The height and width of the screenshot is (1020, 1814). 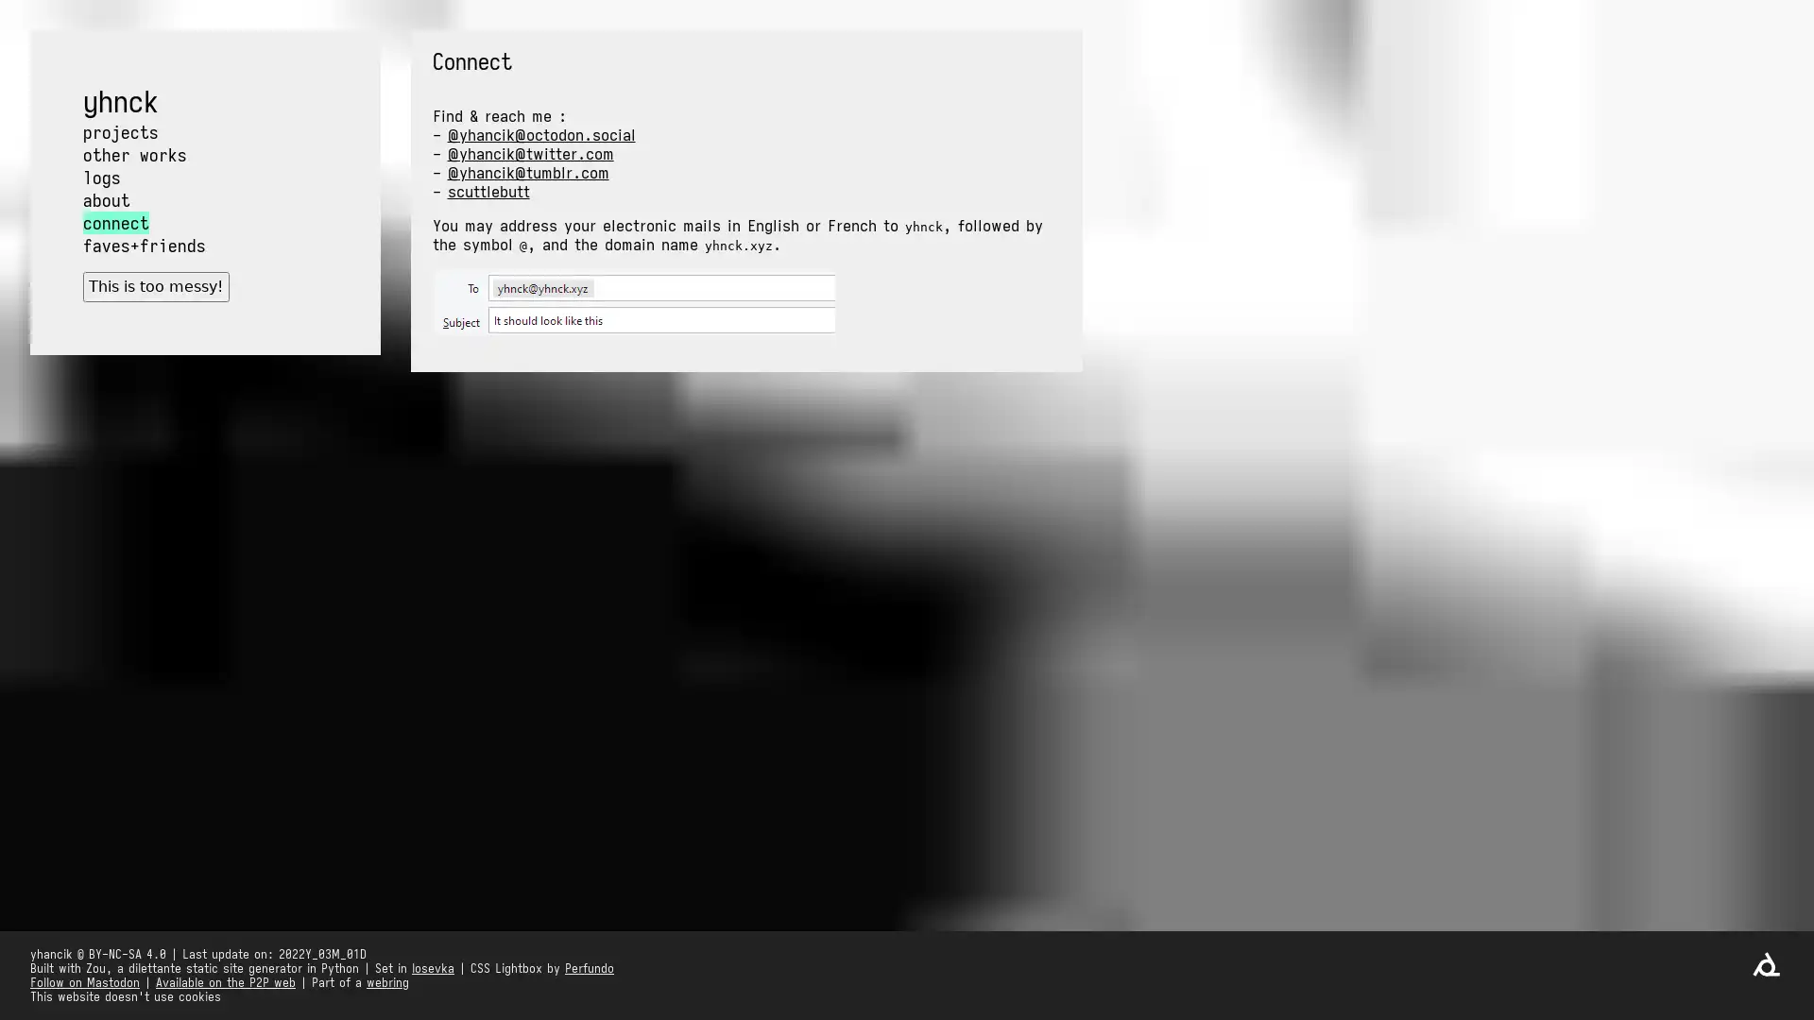 What do you see at coordinates (155, 286) in the screenshot?
I see `This is too messy!` at bounding box center [155, 286].